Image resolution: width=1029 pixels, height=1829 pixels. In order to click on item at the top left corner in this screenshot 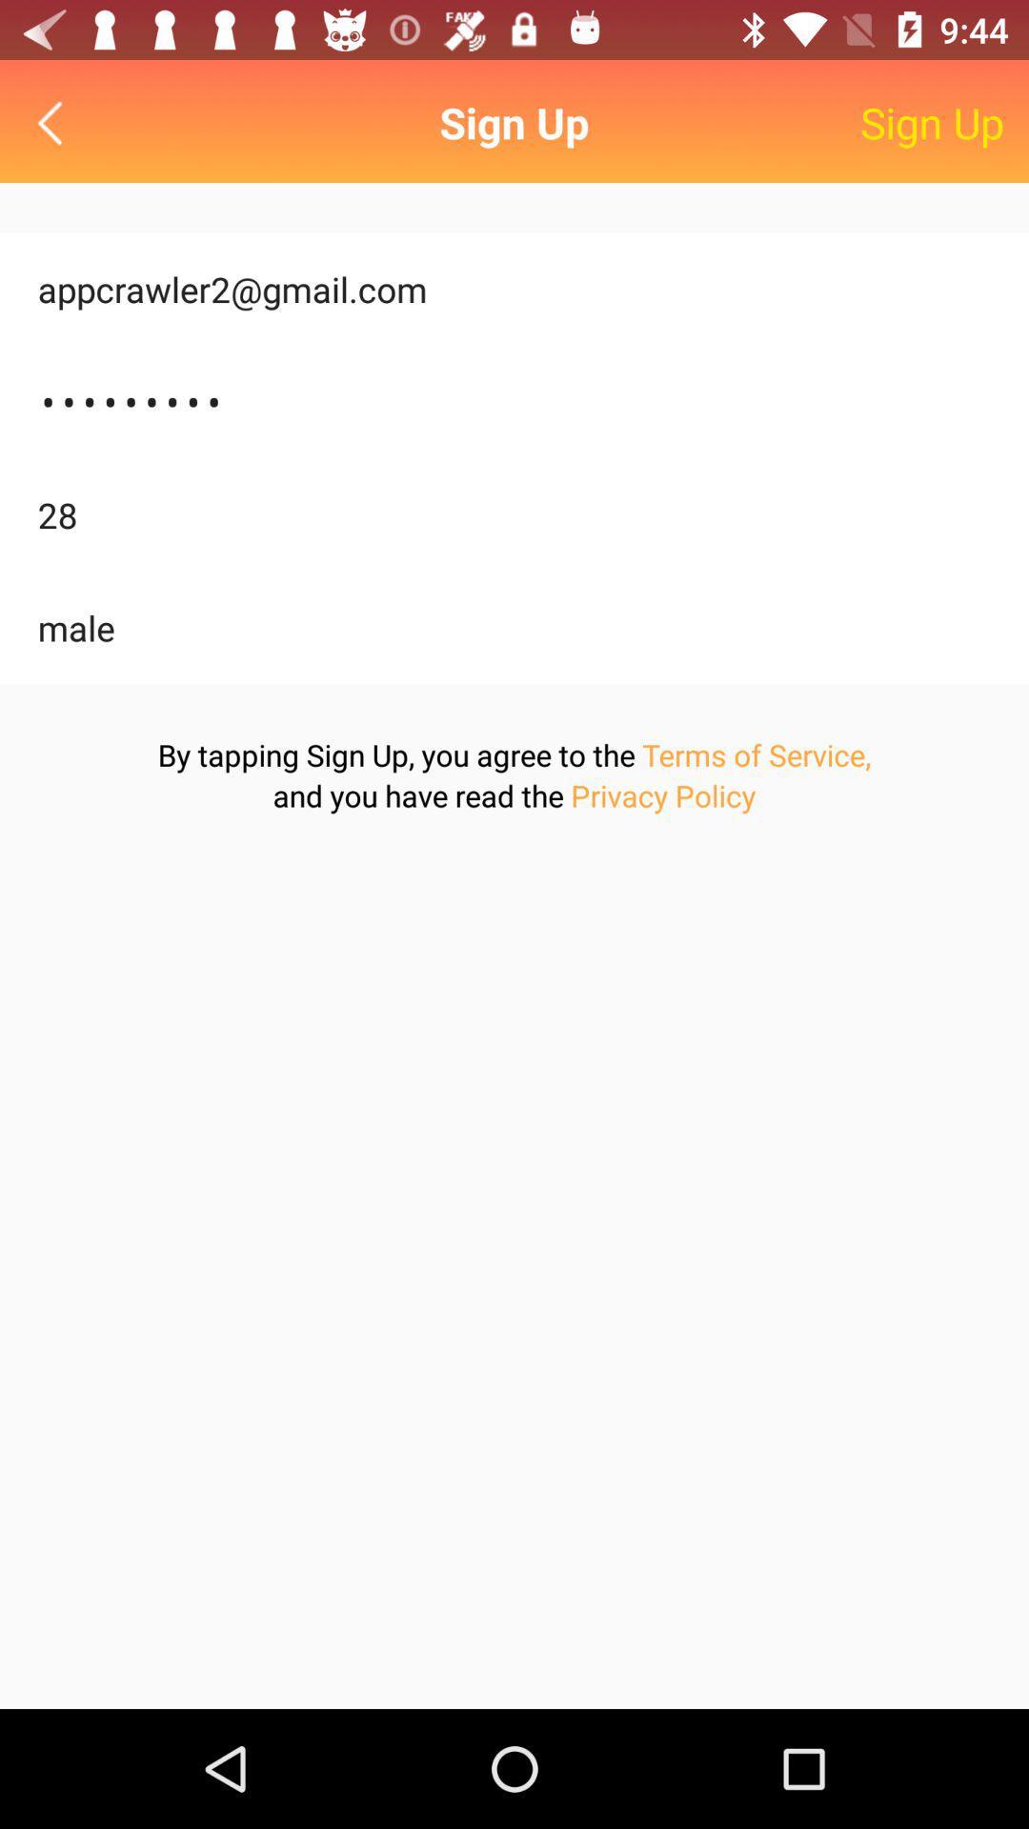, I will do `click(53, 122)`.